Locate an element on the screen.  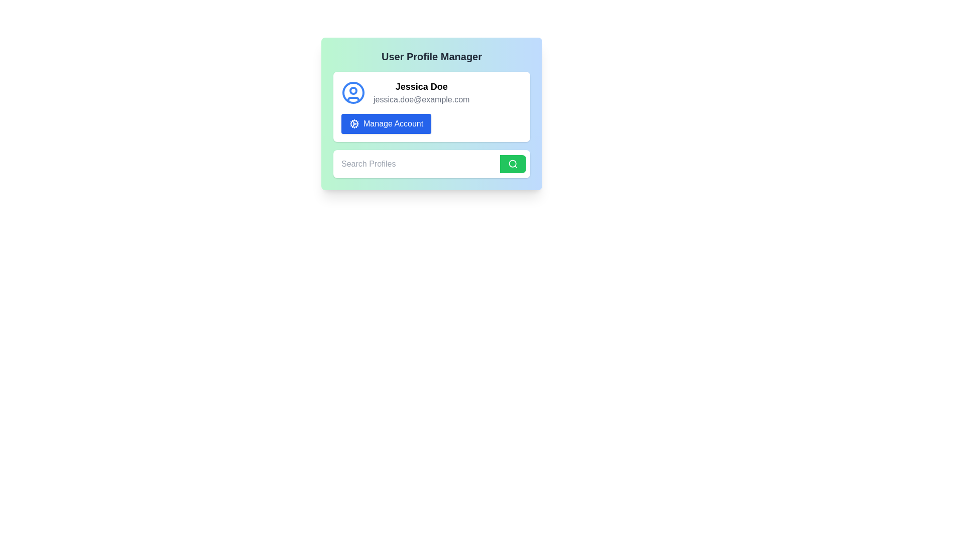
the magnifying glass icon, which is styled with a circular outline and a diagonal handle, positioned within a button to the right of the 'Search Profiles' text input field is located at coordinates (513, 164).